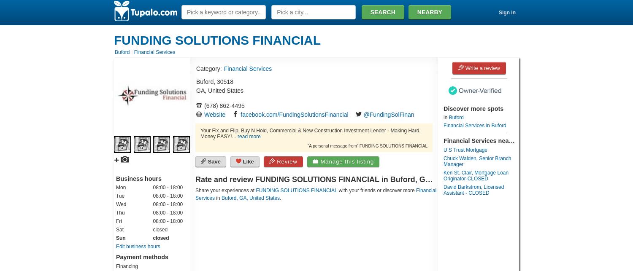  I want to click on 'United States', so click(226, 91).